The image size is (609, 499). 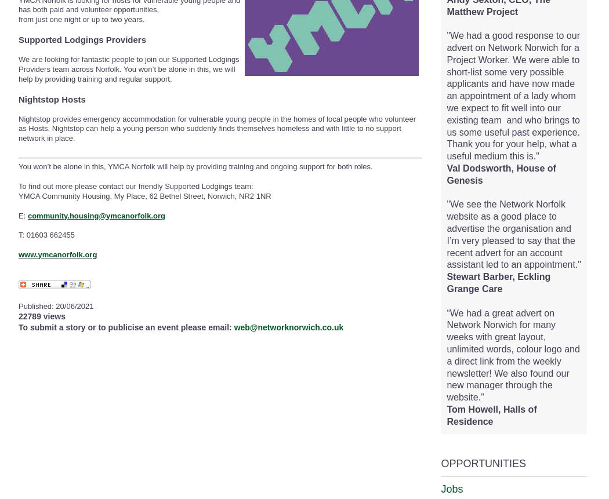 What do you see at coordinates (96, 215) in the screenshot?
I see `'community.housing@ymcanorfolk.org'` at bounding box center [96, 215].